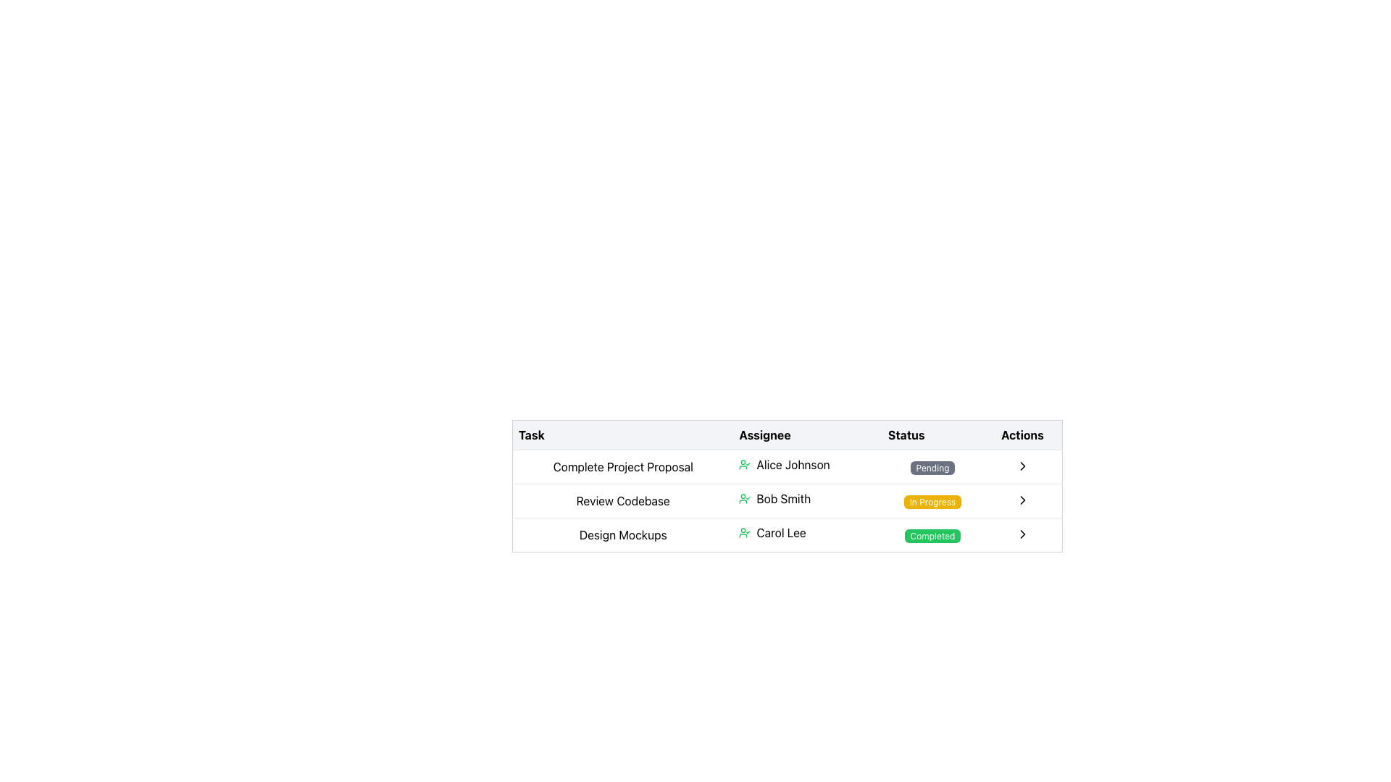 The height and width of the screenshot is (782, 1391). I want to click on the 'Pending' label, which is a rectangular element with rounded corners, displaying white text on a dark gray background, located in the 'Status' column of the table row, so click(932, 466).